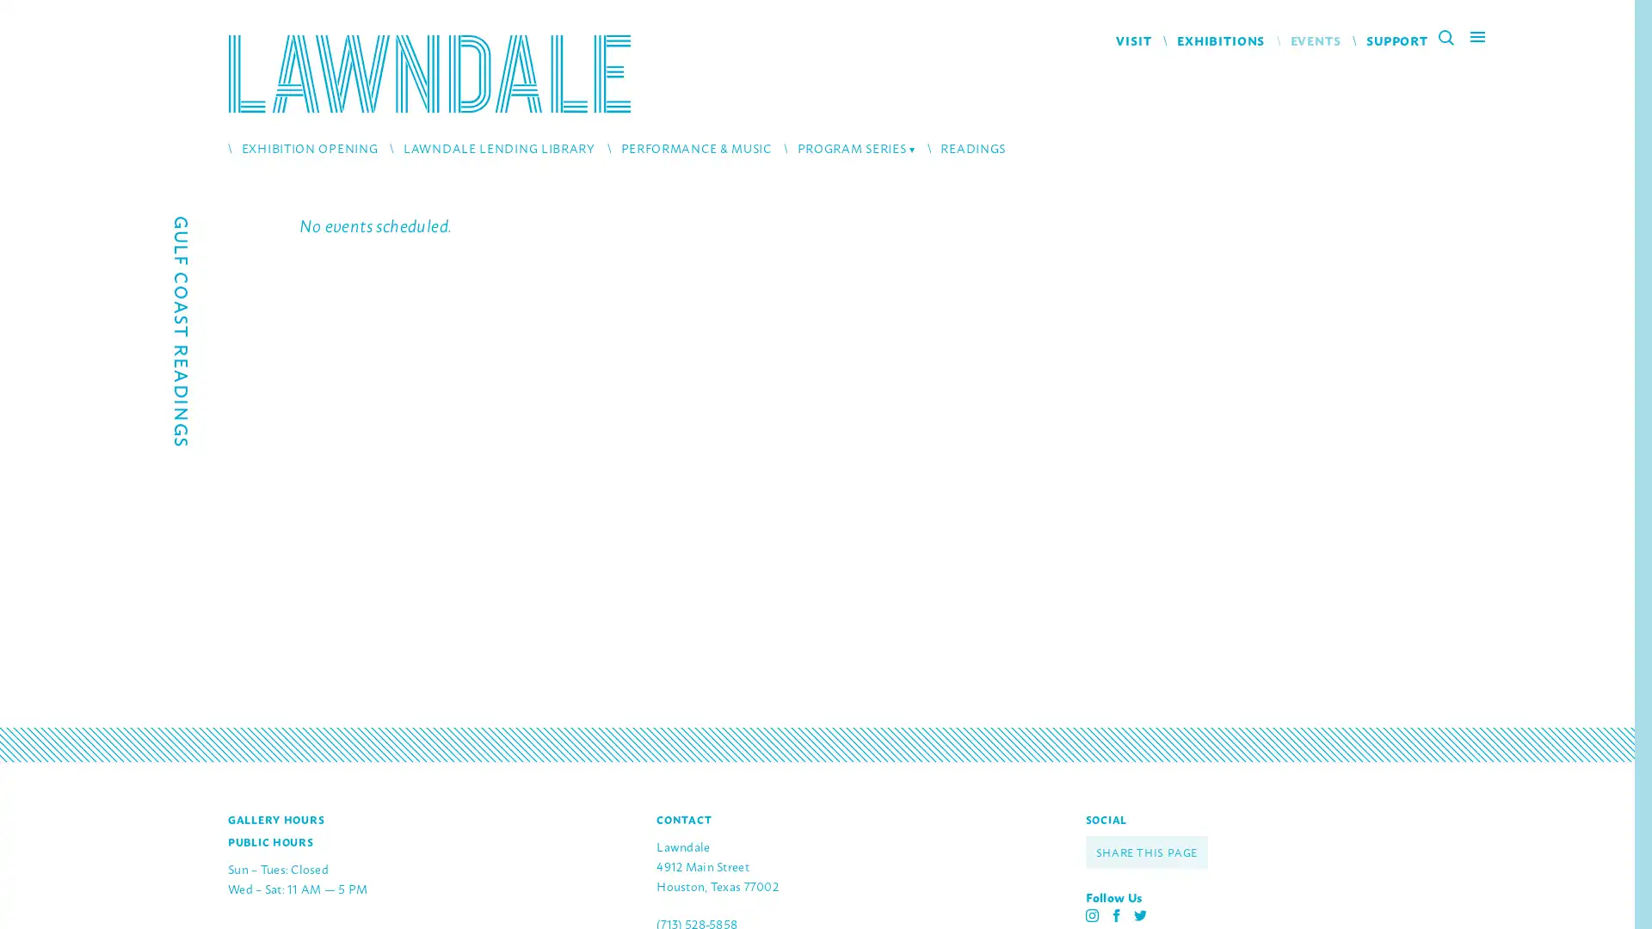  Describe the element at coordinates (1476, 40) in the screenshot. I see `Main Menu` at that location.